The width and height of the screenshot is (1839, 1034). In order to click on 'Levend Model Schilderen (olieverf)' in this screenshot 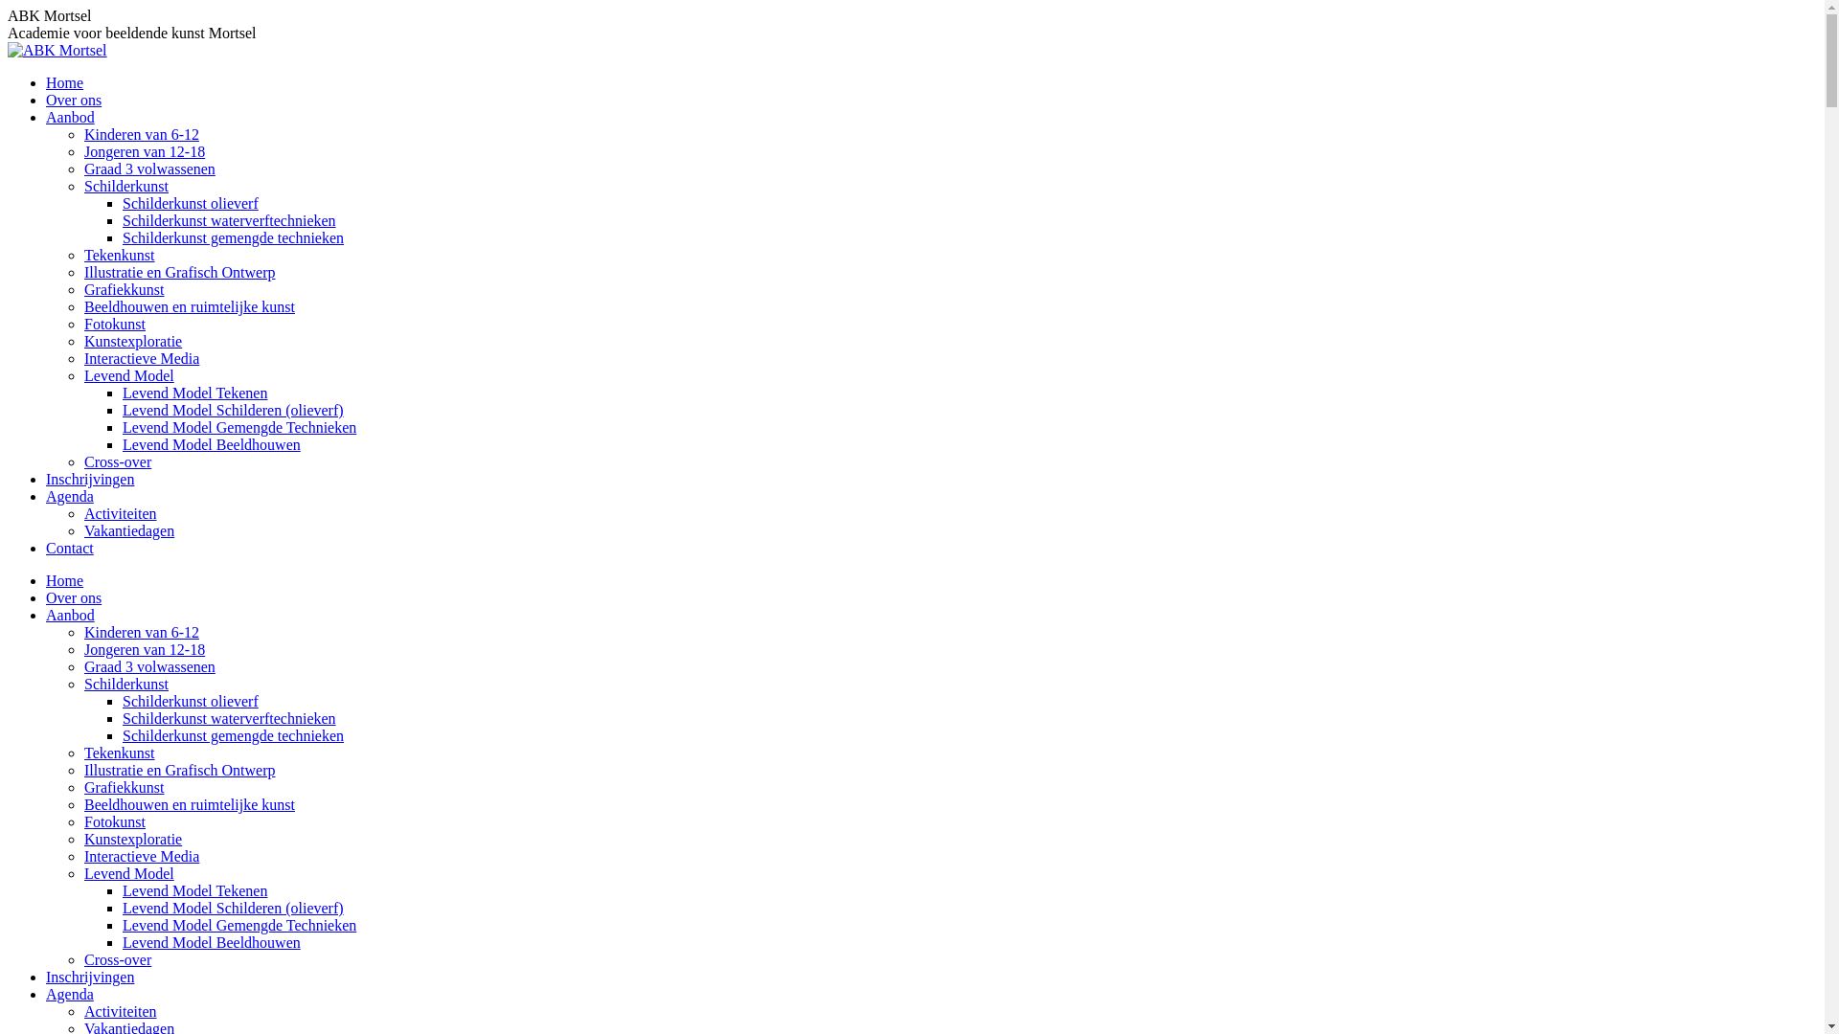, I will do `click(232, 409)`.